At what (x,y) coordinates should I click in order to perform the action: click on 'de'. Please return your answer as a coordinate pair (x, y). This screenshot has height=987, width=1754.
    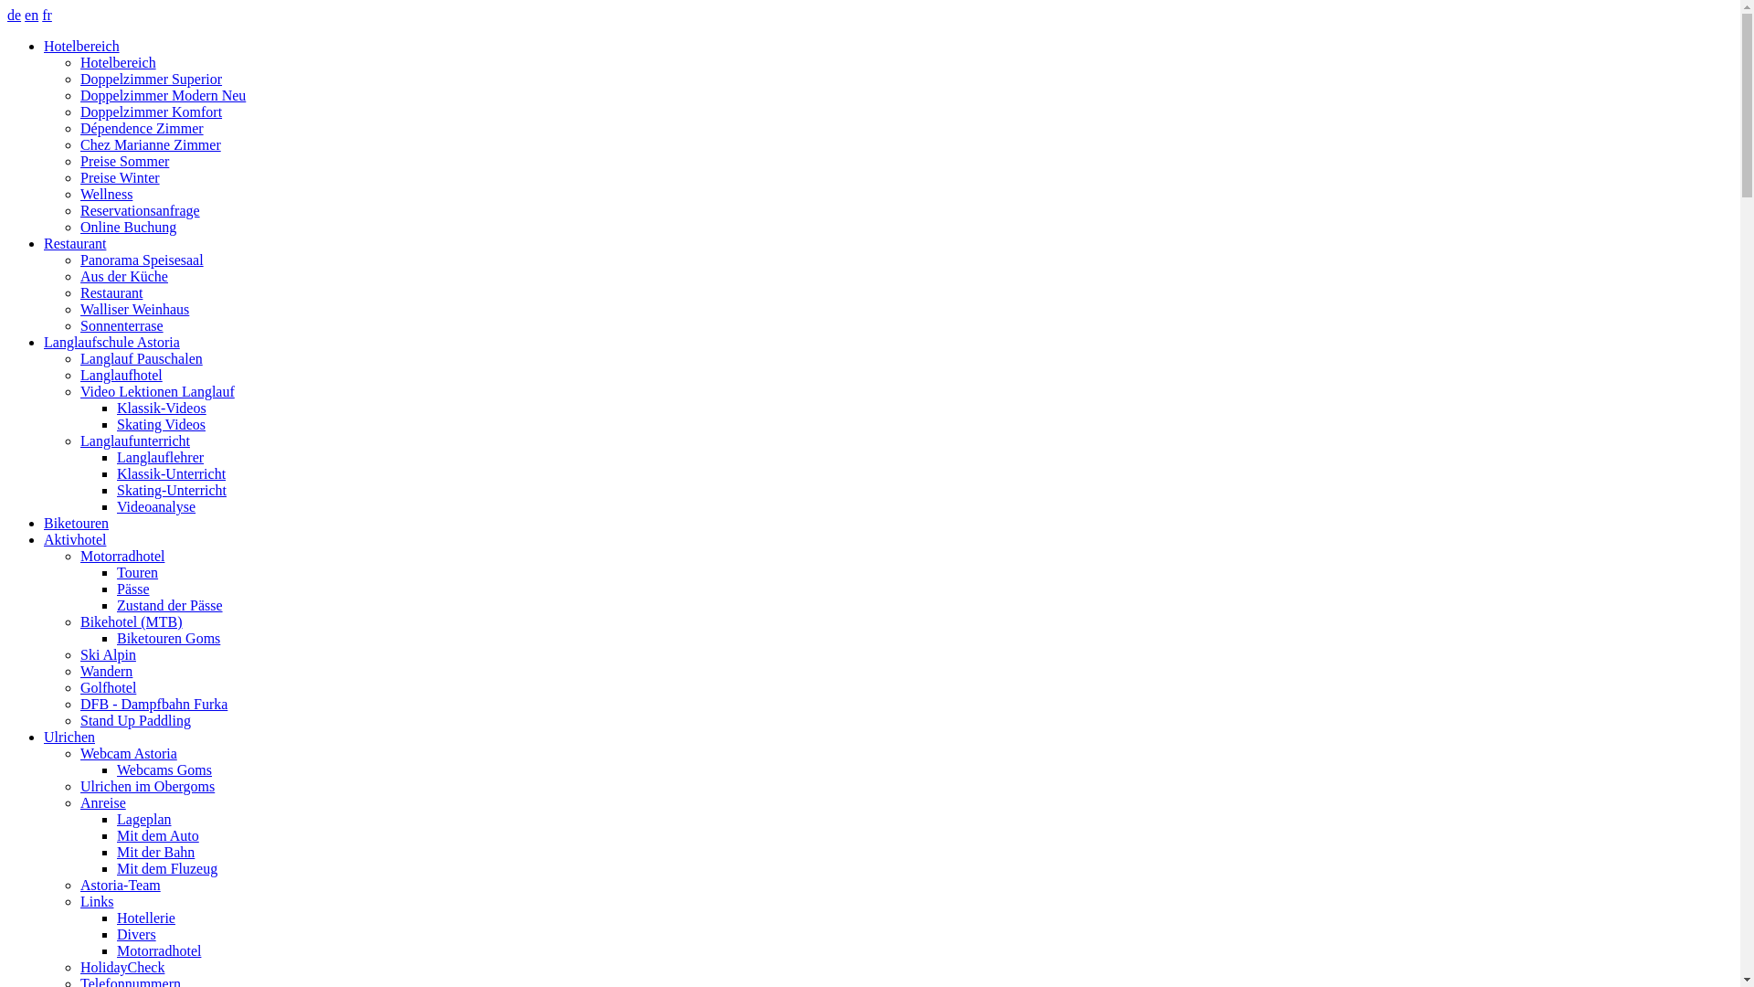
    Looking at the image, I should click on (14, 15).